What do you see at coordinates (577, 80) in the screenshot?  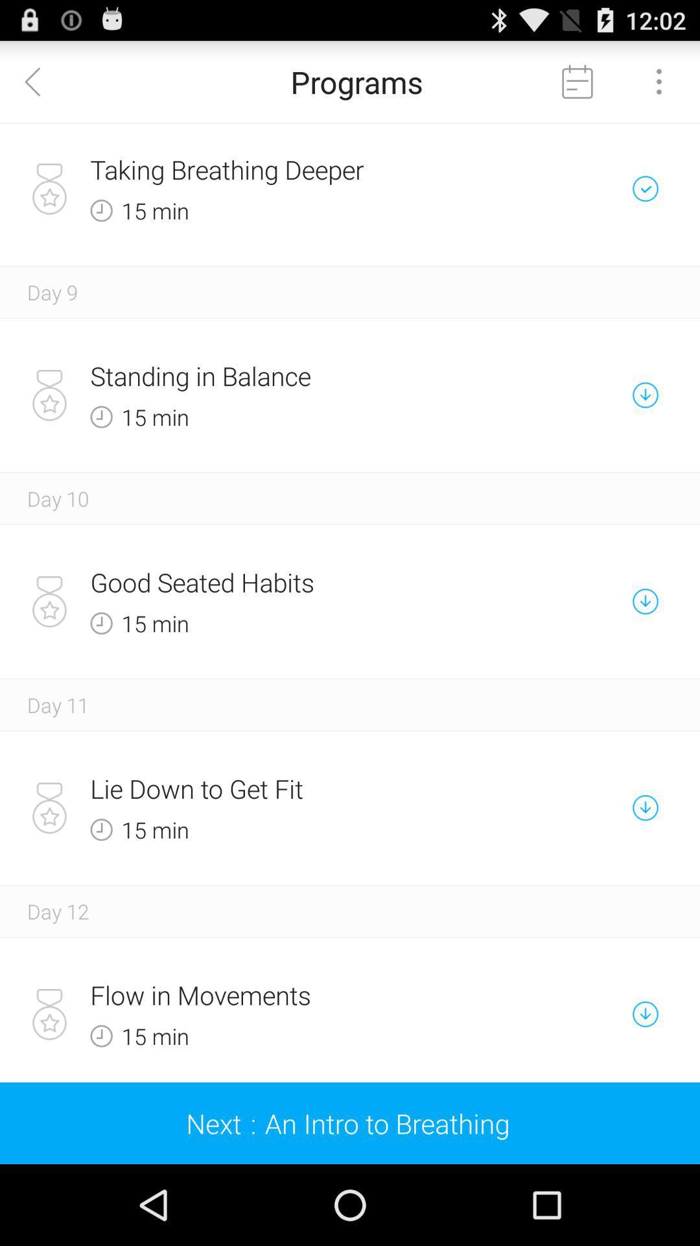 I see `calender` at bounding box center [577, 80].